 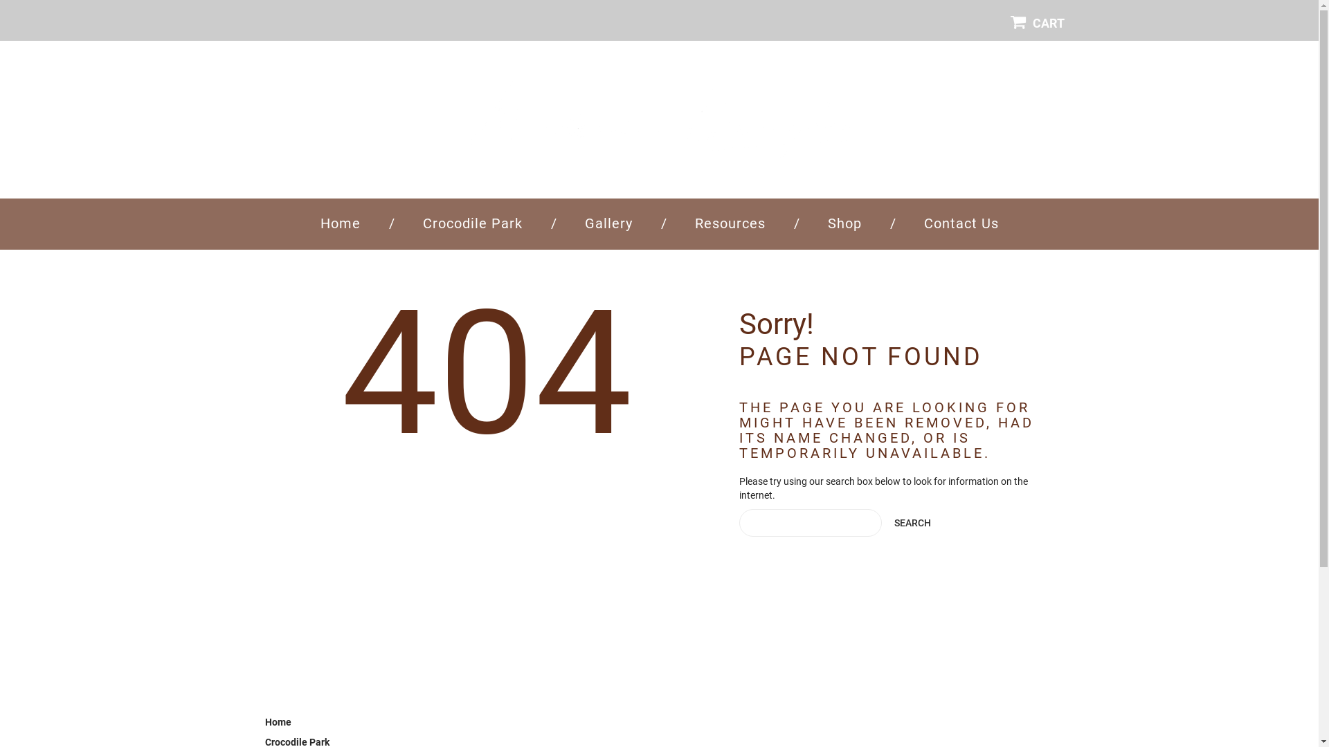 What do you see at coordinates (730, 223) in the screenshot?
I see `'Resources'` at bounding box center [730, 223].